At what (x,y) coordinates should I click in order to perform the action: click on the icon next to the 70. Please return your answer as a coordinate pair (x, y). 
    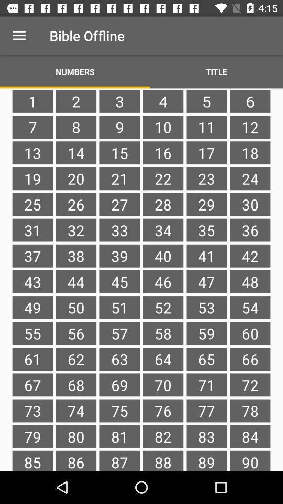
    Looking at the image, I should click on (206, 411).